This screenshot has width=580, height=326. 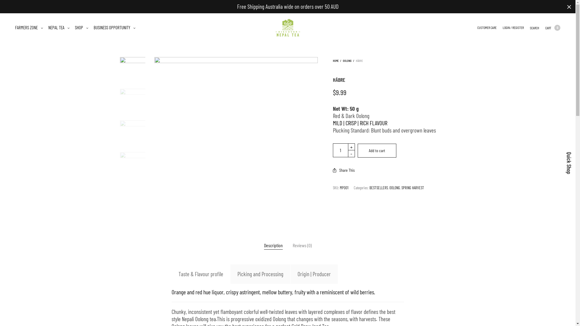 I want to click on 'Add to cart', so click(x=358, y=150).